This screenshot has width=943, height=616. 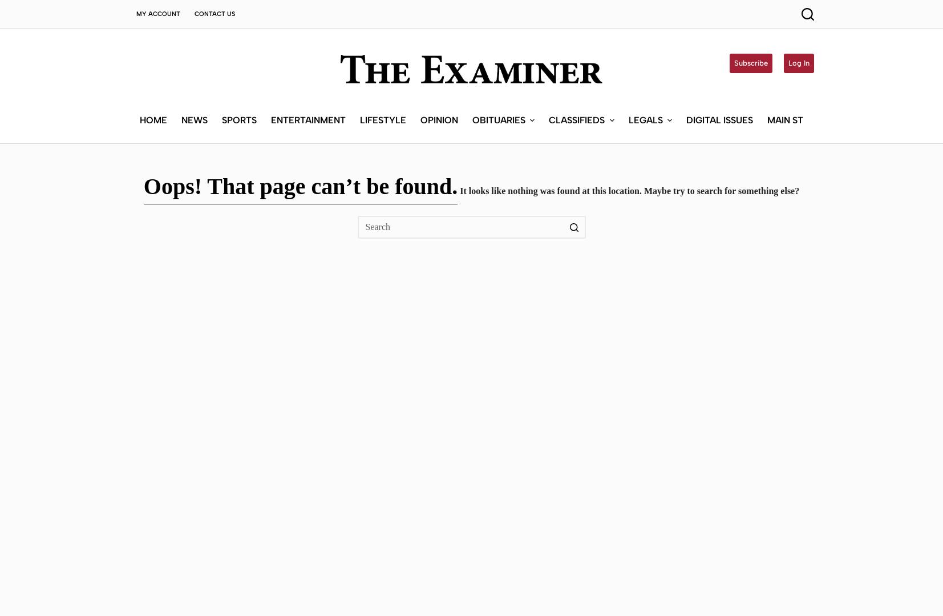 What do you see at coordinates (499, 39) in the screenshot?
I see `'Obituaries'` at bounding box center [499, 39].